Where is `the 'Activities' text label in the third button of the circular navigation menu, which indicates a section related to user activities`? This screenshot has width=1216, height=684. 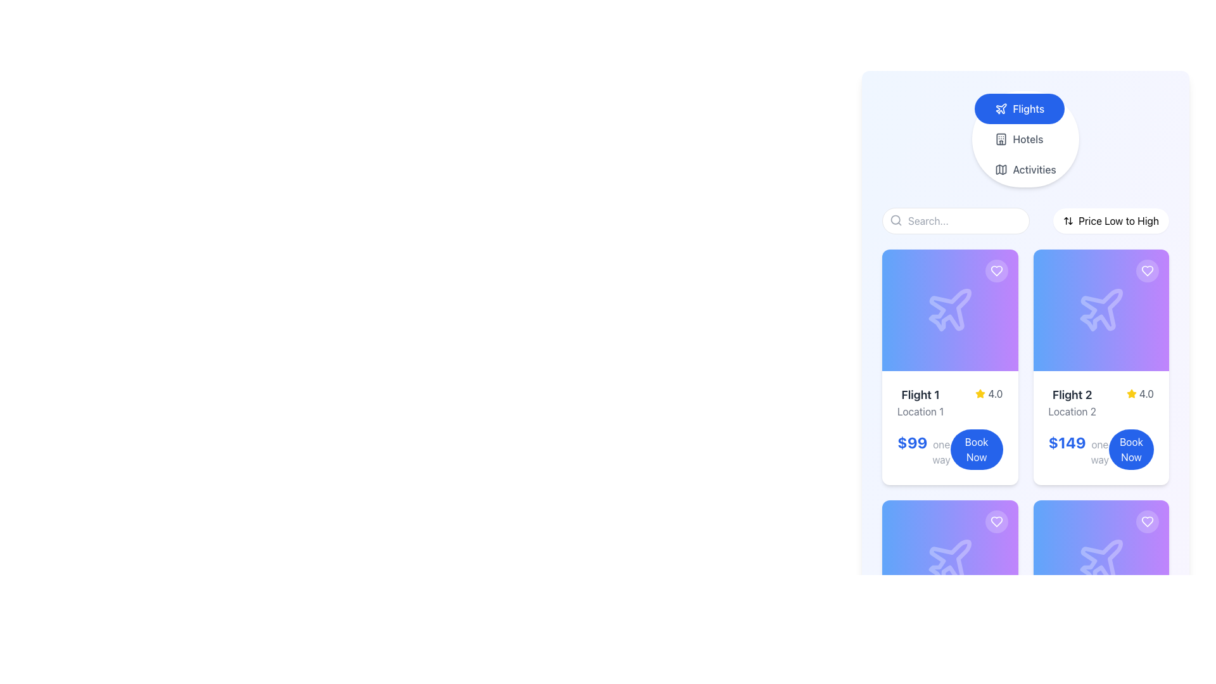
the 'Activities' text label in the third button of the circular navigation menu, which indicates a section related to user activities is located at coordinates (1034, 168).